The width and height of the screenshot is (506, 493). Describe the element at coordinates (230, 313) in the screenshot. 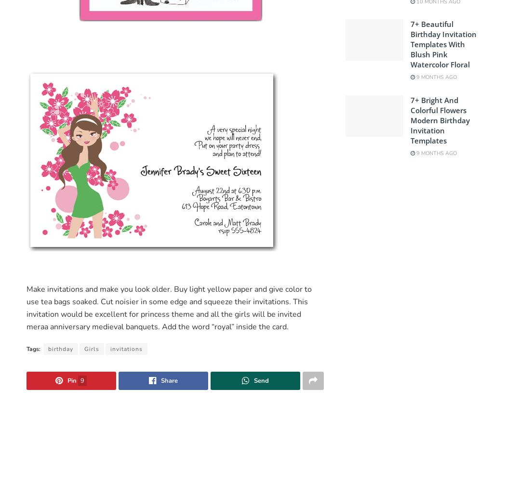

I see `'all the girls'` at that location.